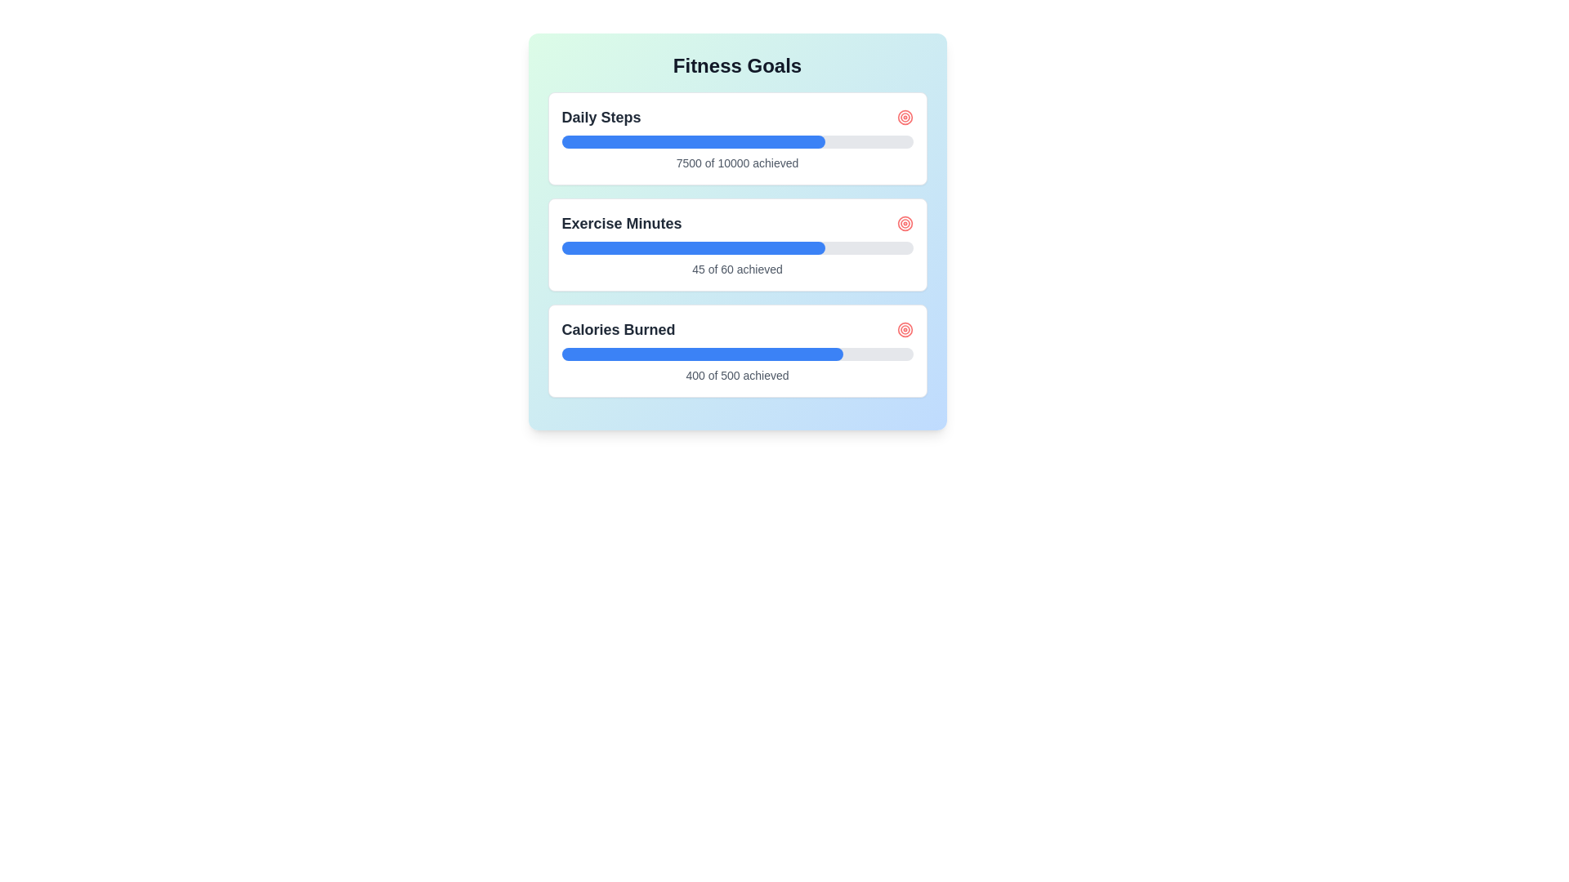 Image resolution: width=1569 pixels, height=882 pixels. What do you see at coordinates (904, 223) in the screenshot?
I see `the largest concentric circle within the 'Exercise Minutes' card, located near the upper-right corner of the card, which serves as a visual cue for the associated goal indicator` at bounding box center [904, 223].